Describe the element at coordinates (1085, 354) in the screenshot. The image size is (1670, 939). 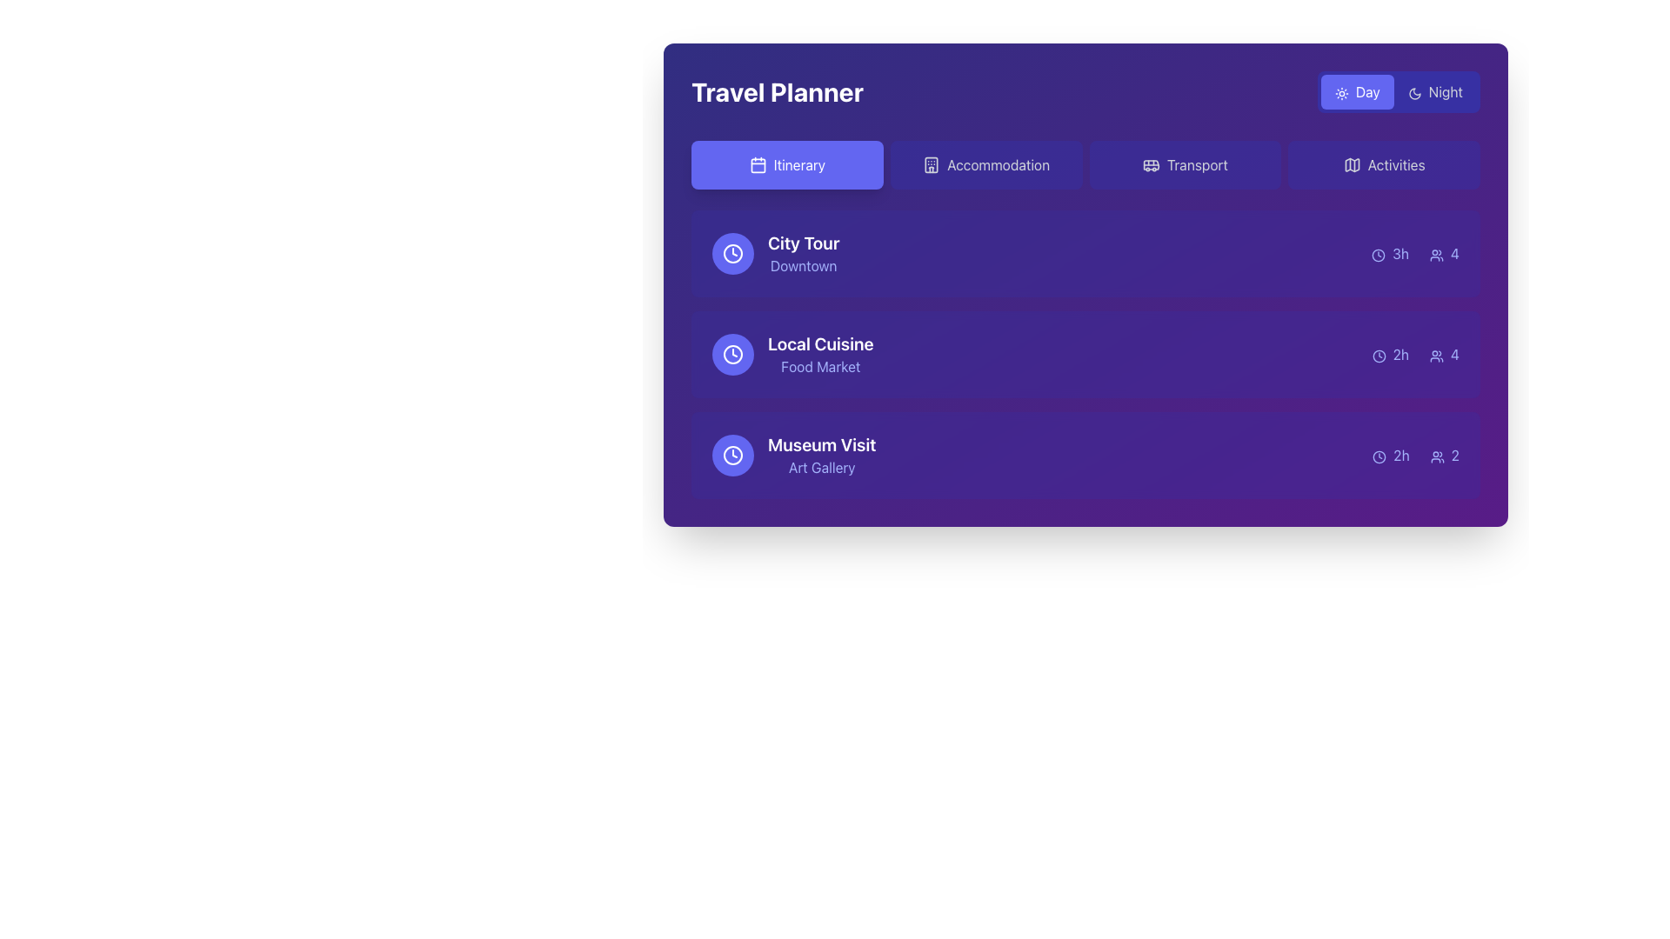
I see `the List of informational blocks in the Travel Planner section` at that location.